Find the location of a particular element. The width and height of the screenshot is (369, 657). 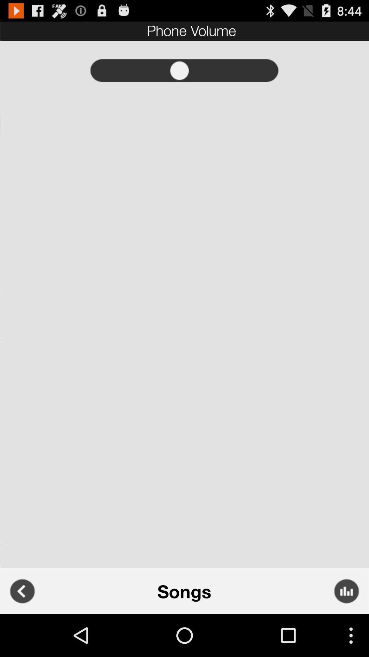

volume control is located at coordinates (184, 70).